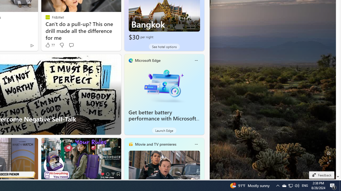 This screenshot has height=191, width=341. Describe the element at coordinates (50, 45) in the screenshot. I see `'77 Like'` at that location.